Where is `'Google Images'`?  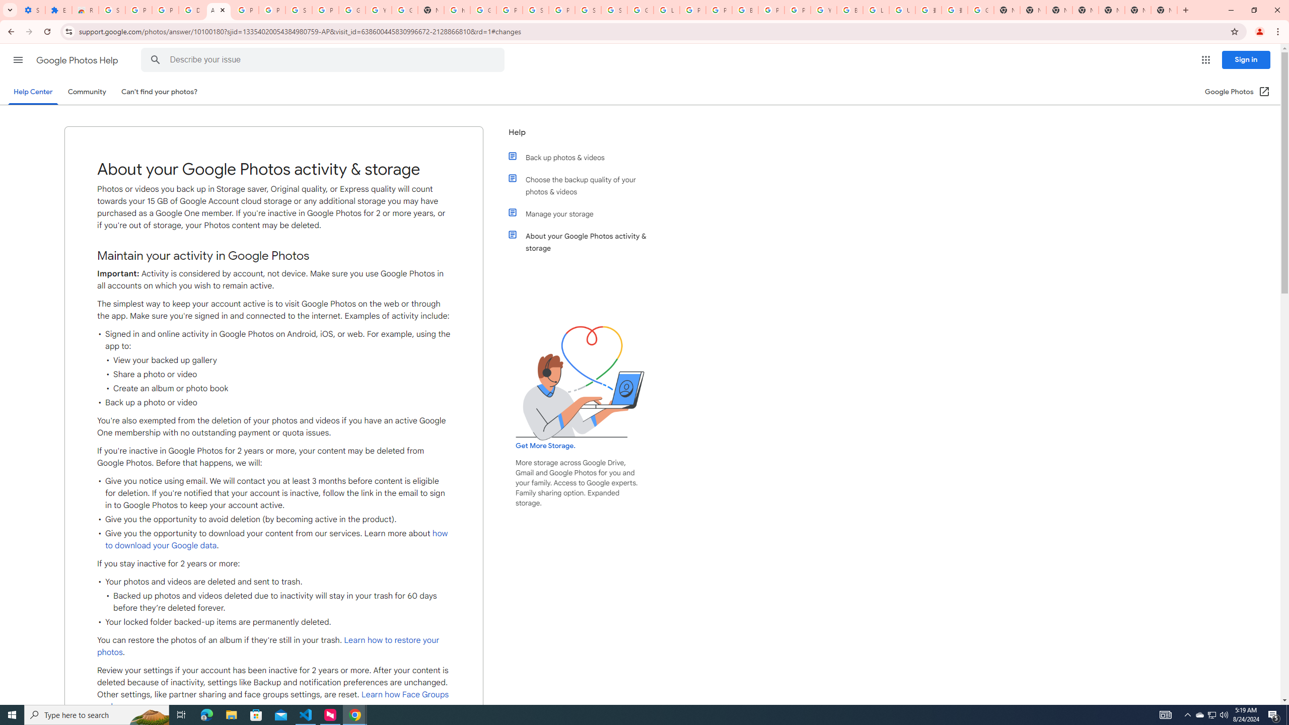 'Google Images' is located at coordinates (981, 10).